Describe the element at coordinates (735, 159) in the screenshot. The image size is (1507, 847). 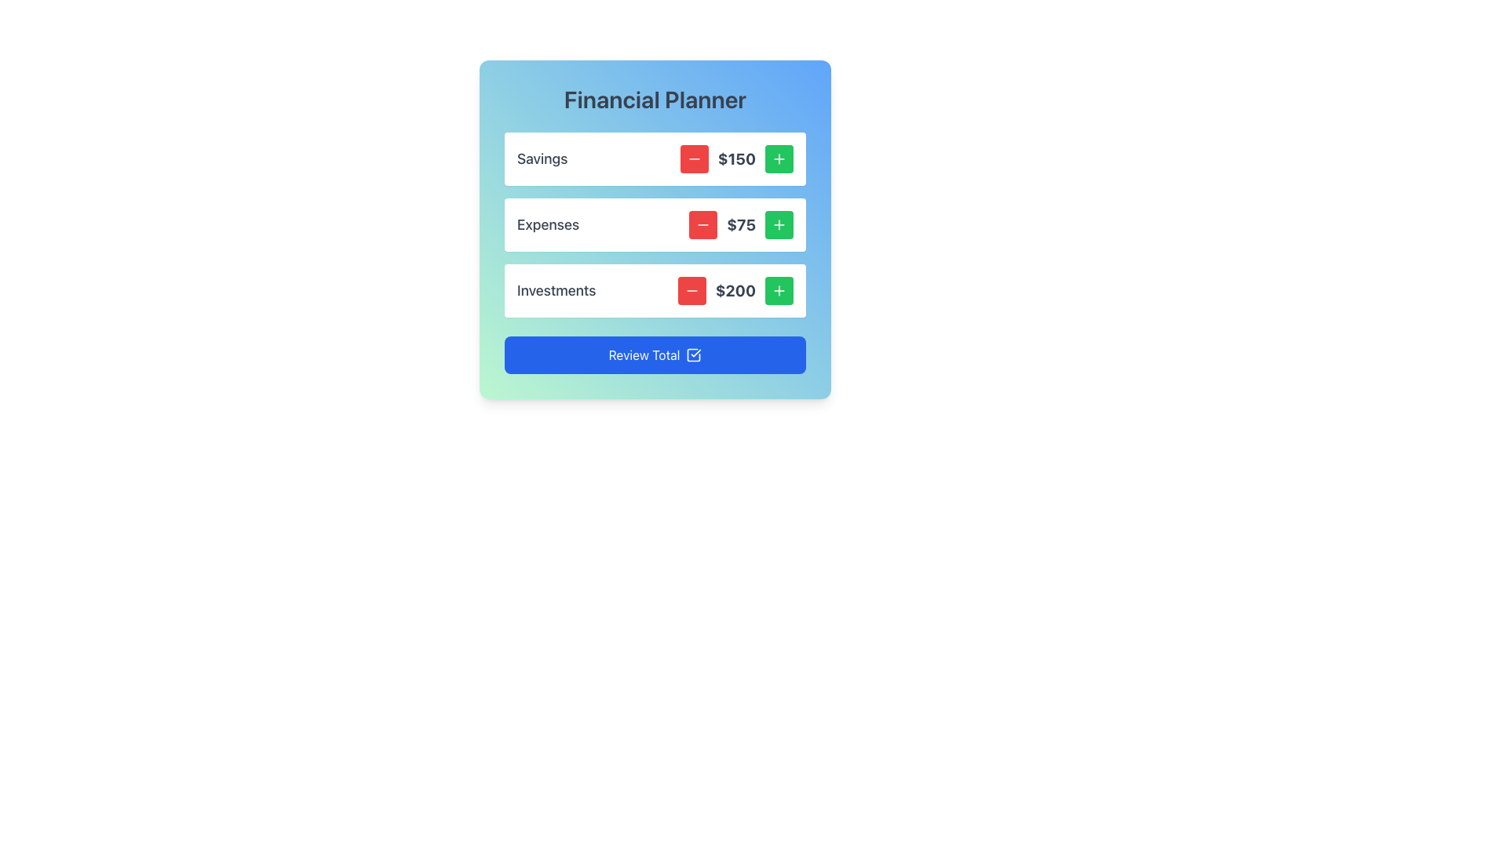
I see `the static text displaying the current monetary value associated with 'Savings' located to the right of the 'Savings' label in the uppermost row of the interactive panel` at that location.